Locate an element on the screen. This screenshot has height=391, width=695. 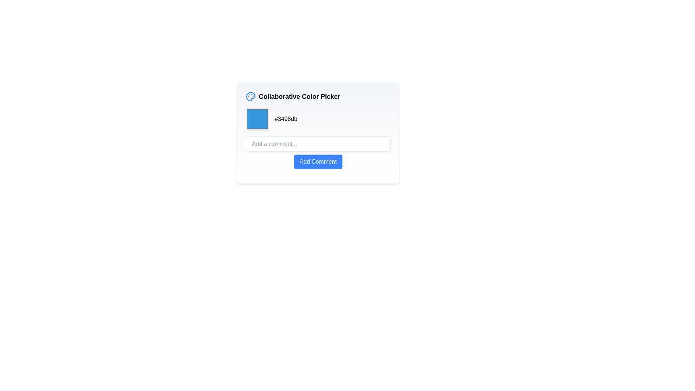
the submit button located below the 'Add a comment...' input field is located at coordinates (318, 161).